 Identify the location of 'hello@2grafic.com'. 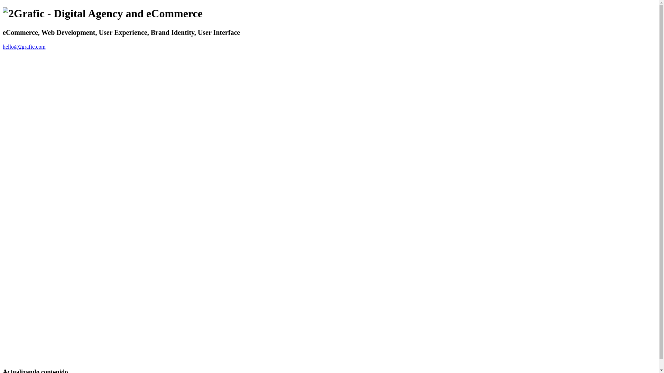
(24, 47).